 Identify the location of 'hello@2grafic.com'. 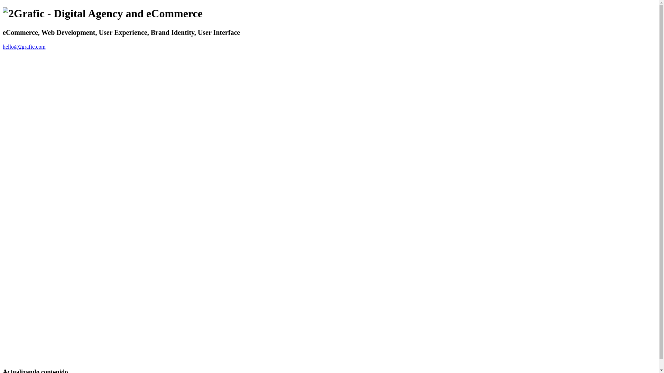
(24, 47).